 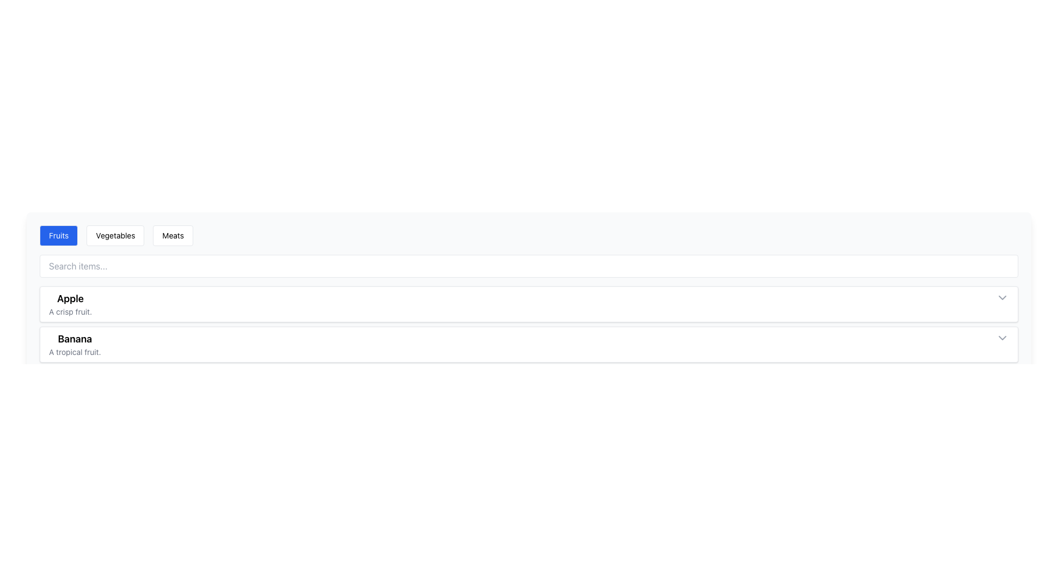 I want to click on the 'Meats' button, which is a rectangular button with rounded corners and black text, so click(x=173, y=235).